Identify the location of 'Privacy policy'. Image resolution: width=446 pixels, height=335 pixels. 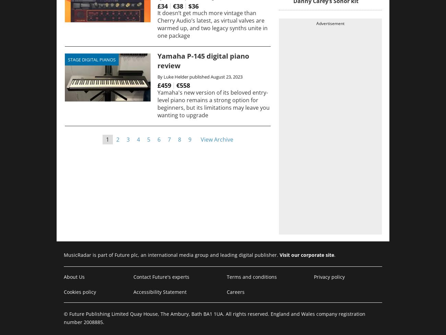
(329, 277).